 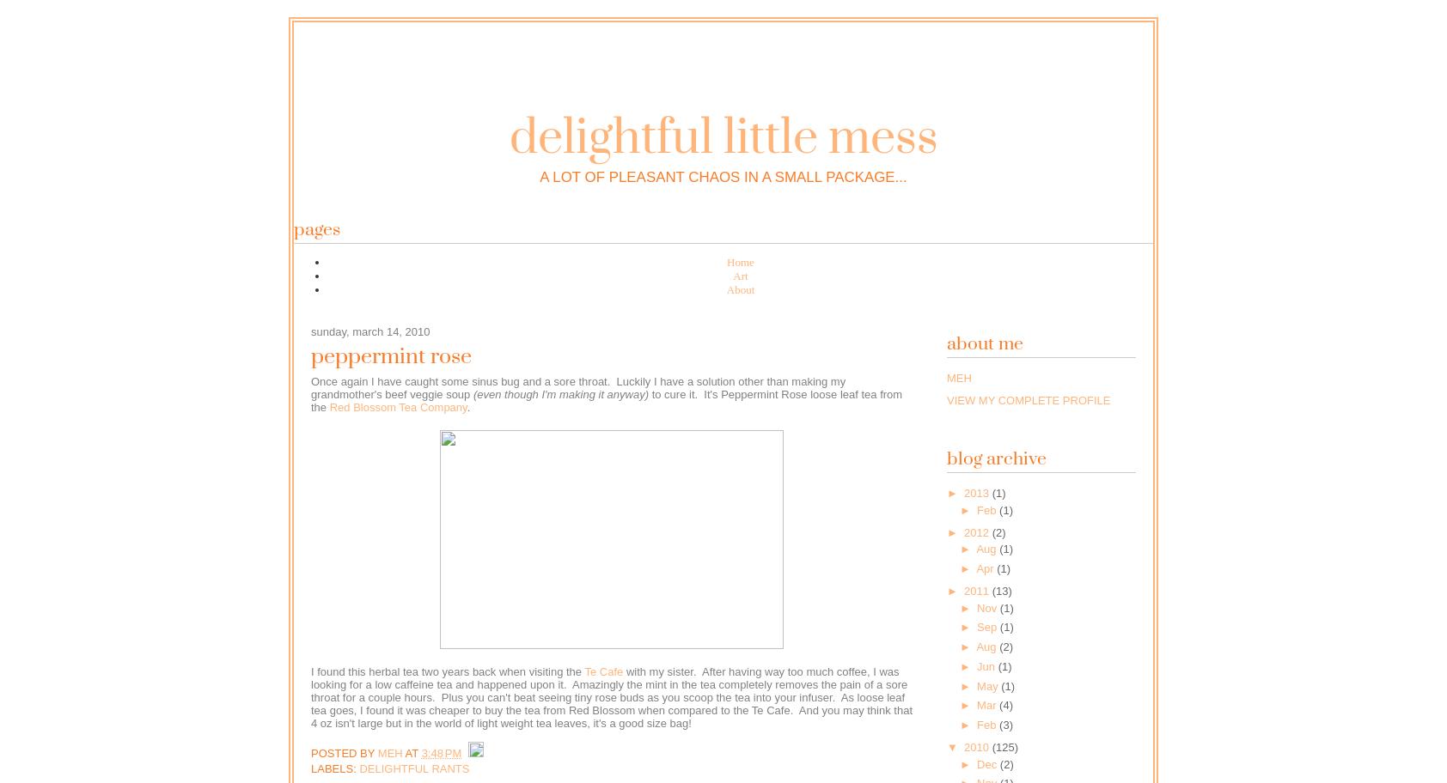 What do you see at coordinates (390, 356) in the screenshot?
I see `'Peppermint Rose'` at bounding box center [390, 356].